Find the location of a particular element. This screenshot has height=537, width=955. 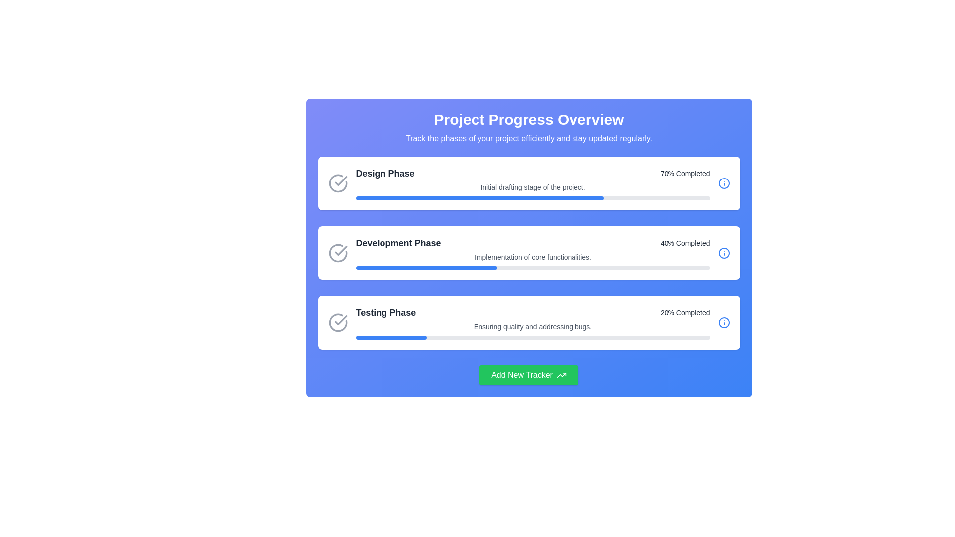

the static text label reading 'Implementation of core functionalities.' which is located below the title 'Development Phase' and aligned in the middle of the section is located at coordinates (532, 256).